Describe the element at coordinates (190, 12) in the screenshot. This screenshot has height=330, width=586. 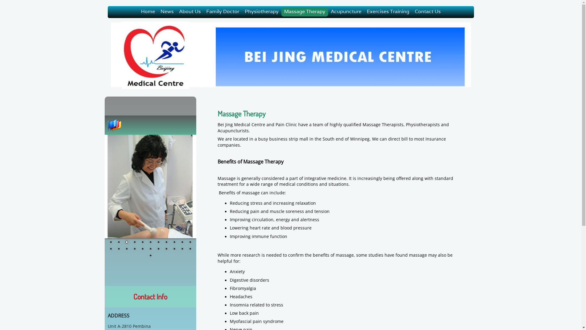
I see `'About Us'` at that location.